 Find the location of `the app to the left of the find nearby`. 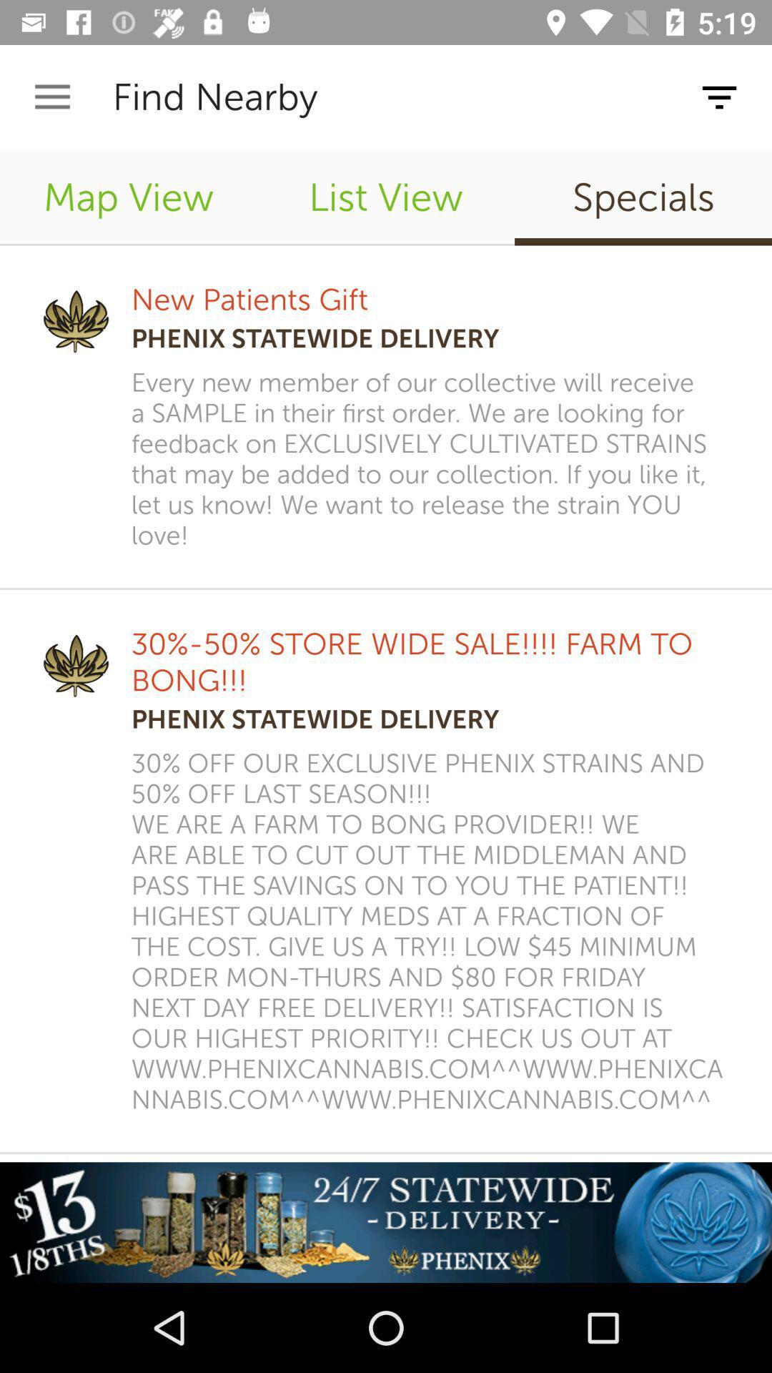

the app to the left of the find nearby is located at coordinates (51, 97).